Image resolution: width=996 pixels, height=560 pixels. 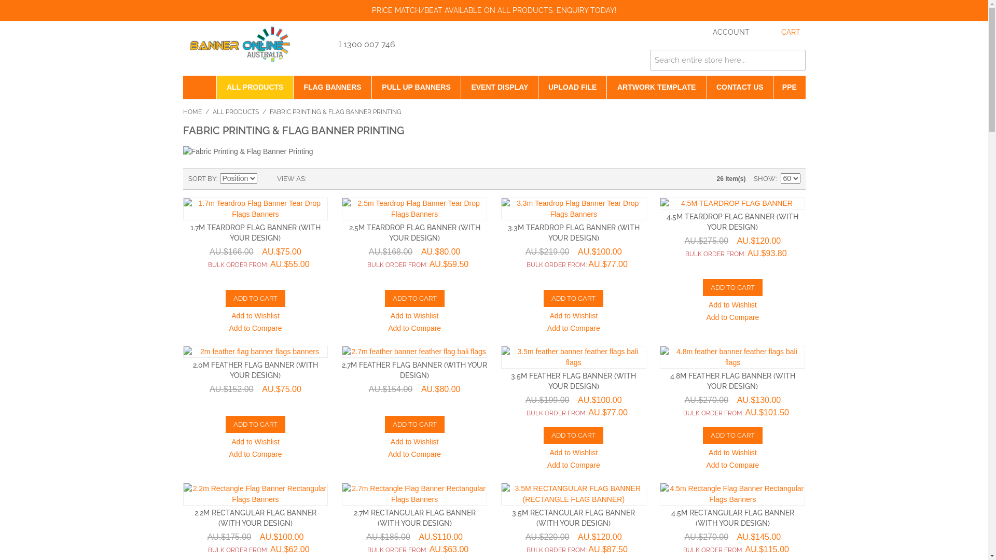 What do you see at coordinates (255, 298) in the screenshot?
I see `'ADD TO CART'` at bounding box center [255, 298].